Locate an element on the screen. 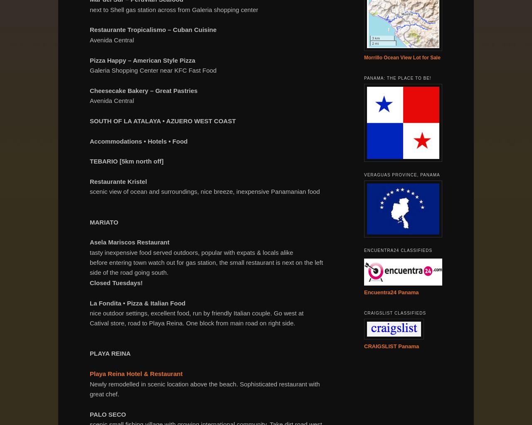  'next to Shell gas station across from Galeria shopping center' is located at coordinates (173, 9).